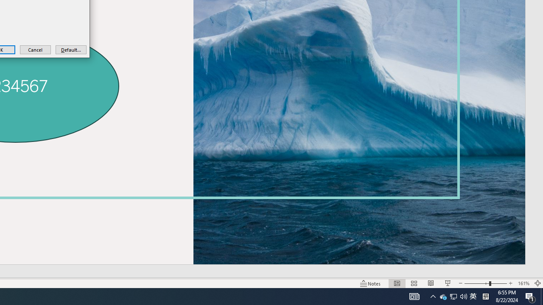 The height and width of the screenshot is (305, 543). I want to click on 'AutomationID: 4105', so click(414, 296).